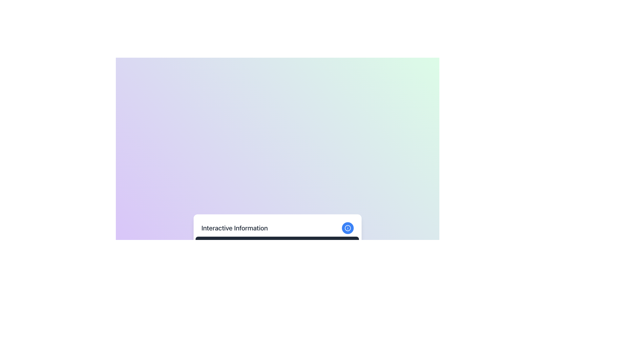 The width and height of the screenshot is (630, 354). I want to click on the circular Interactive Icon with a blue background and white border, featuring a centered information symbol, so click(347, 227).